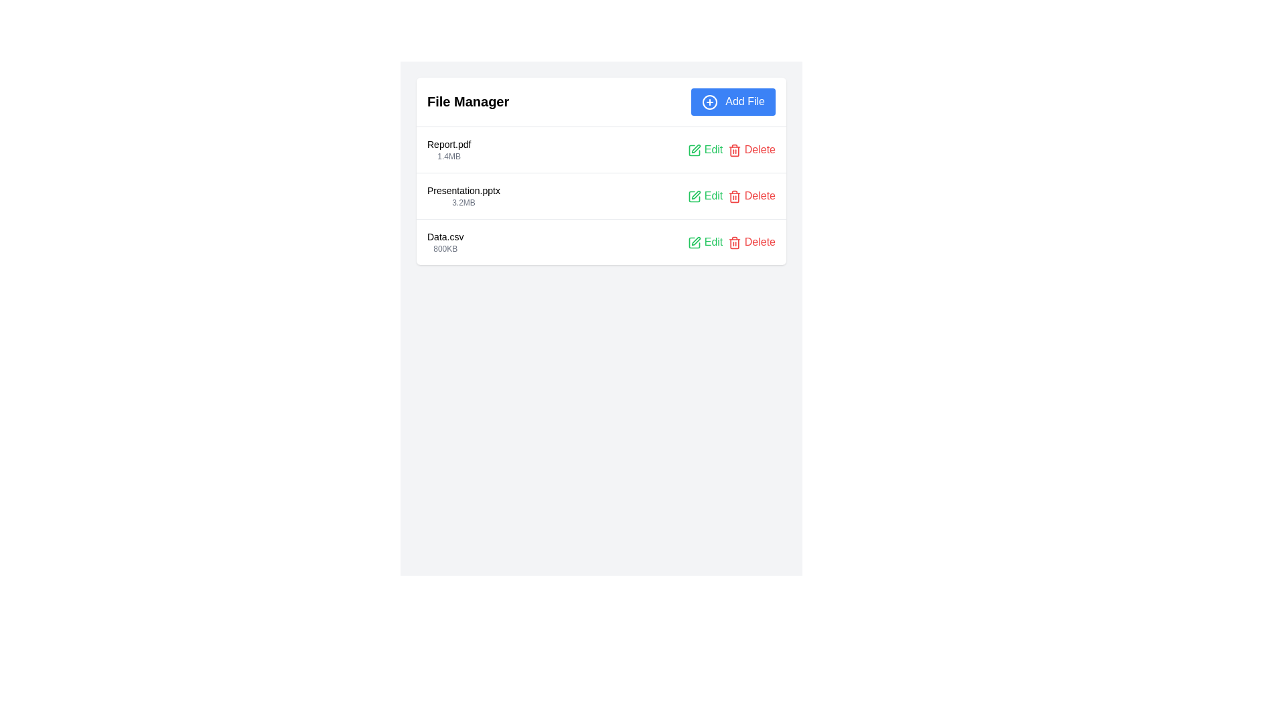 The image size is (1286, 723). I want to click on the 'Delete' button in the interactive segment next to the 'Report.pdf 1.4MB' entry, so click(731, 149).